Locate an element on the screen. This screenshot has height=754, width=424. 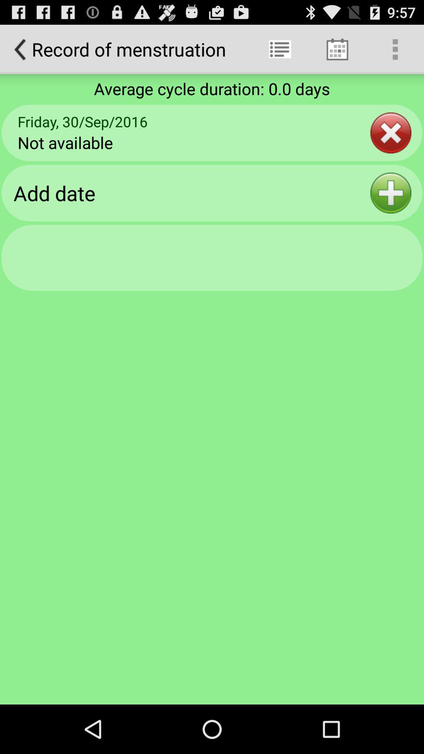
the close icon is located at coordinates (391, 142).